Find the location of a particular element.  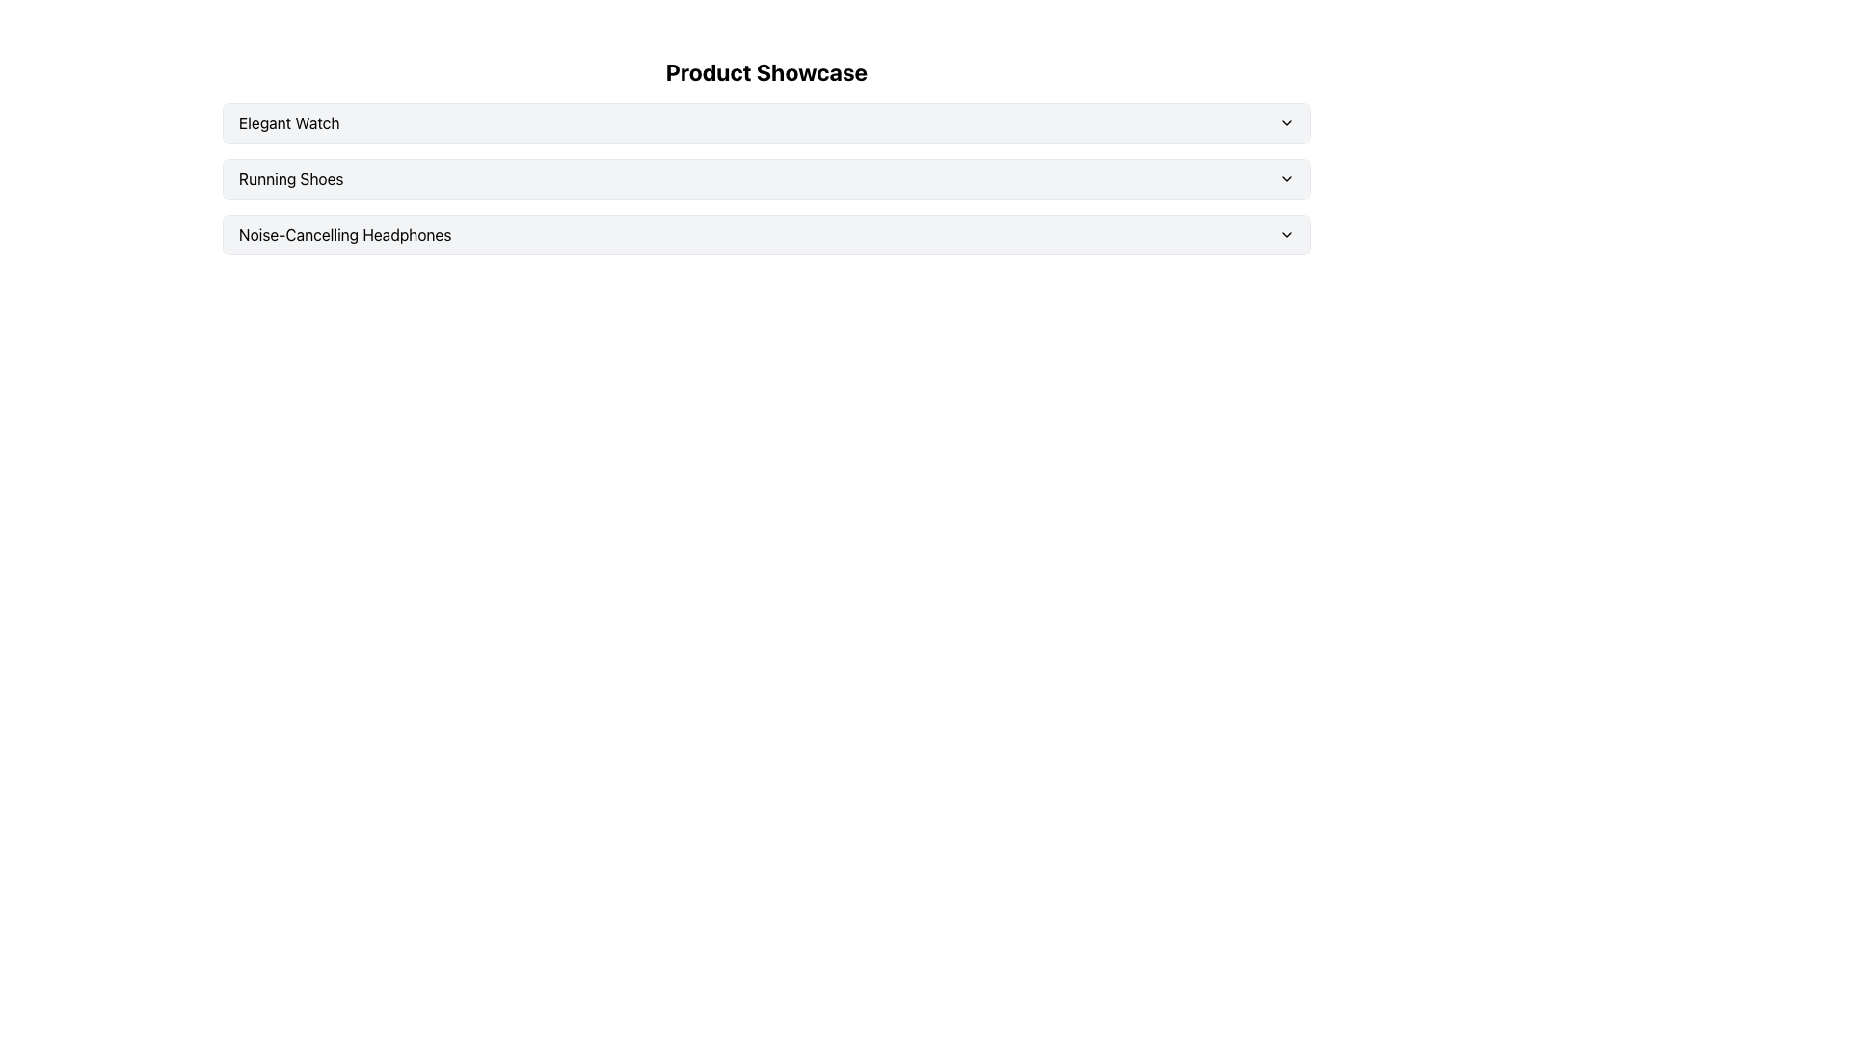

the dropdown menu entry labeled 'Noise-Cancelling Headphones' is located at coordinates (765, 233).